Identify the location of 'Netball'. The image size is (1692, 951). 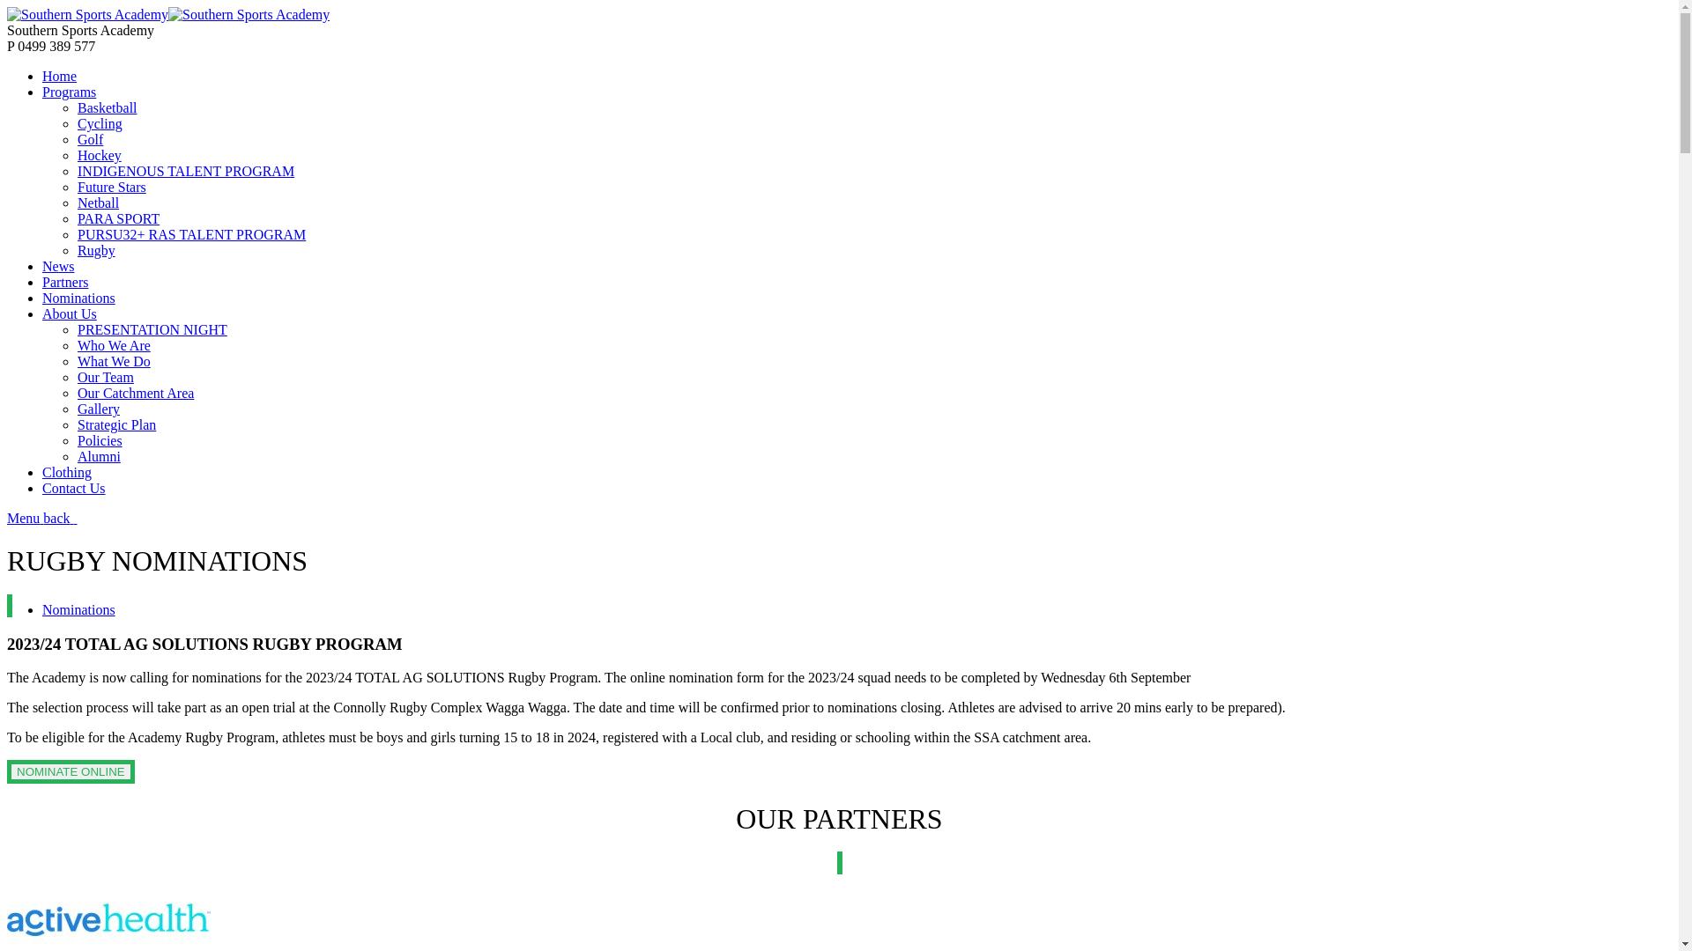
(97, 202).